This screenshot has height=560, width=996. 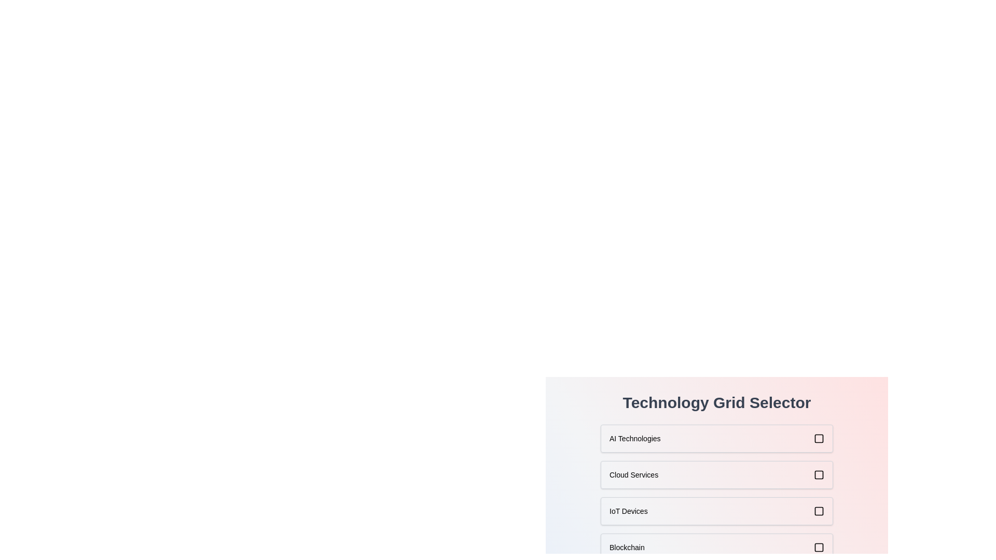 I want to click on the item labeled IoT Devices in the grid to select it, so click(x=716, y=511).